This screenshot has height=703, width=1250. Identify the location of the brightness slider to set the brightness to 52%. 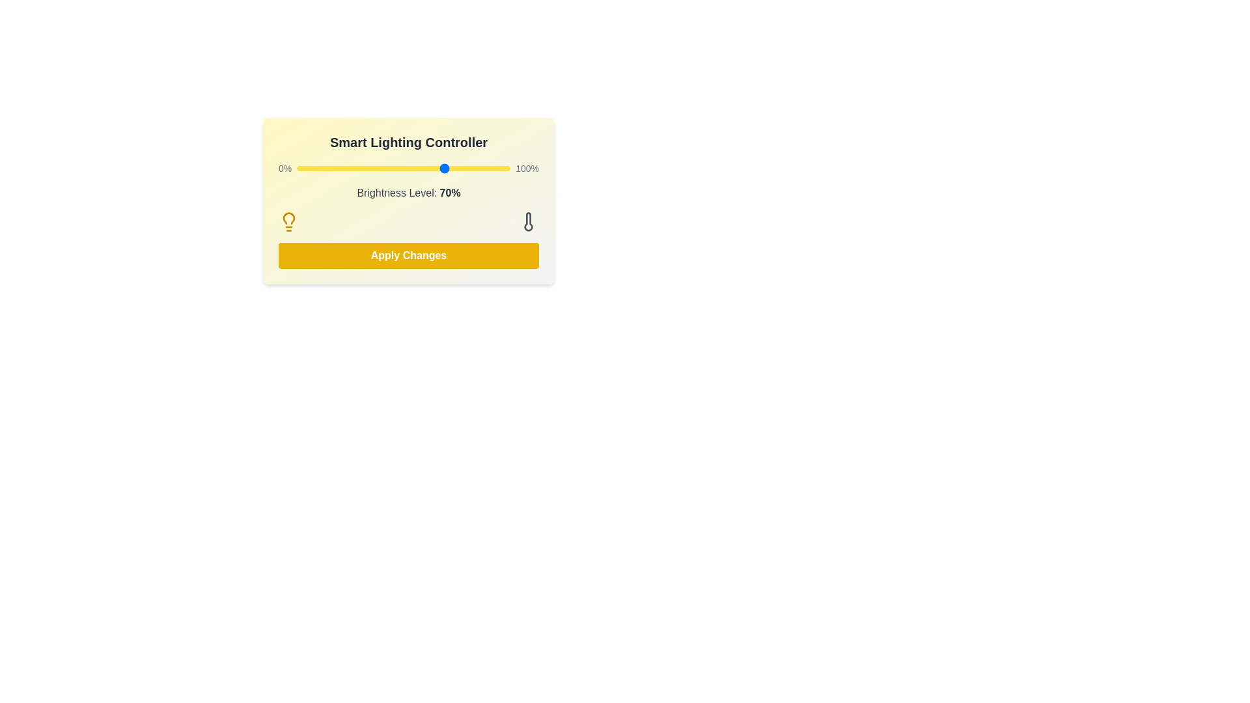
(407, 167).